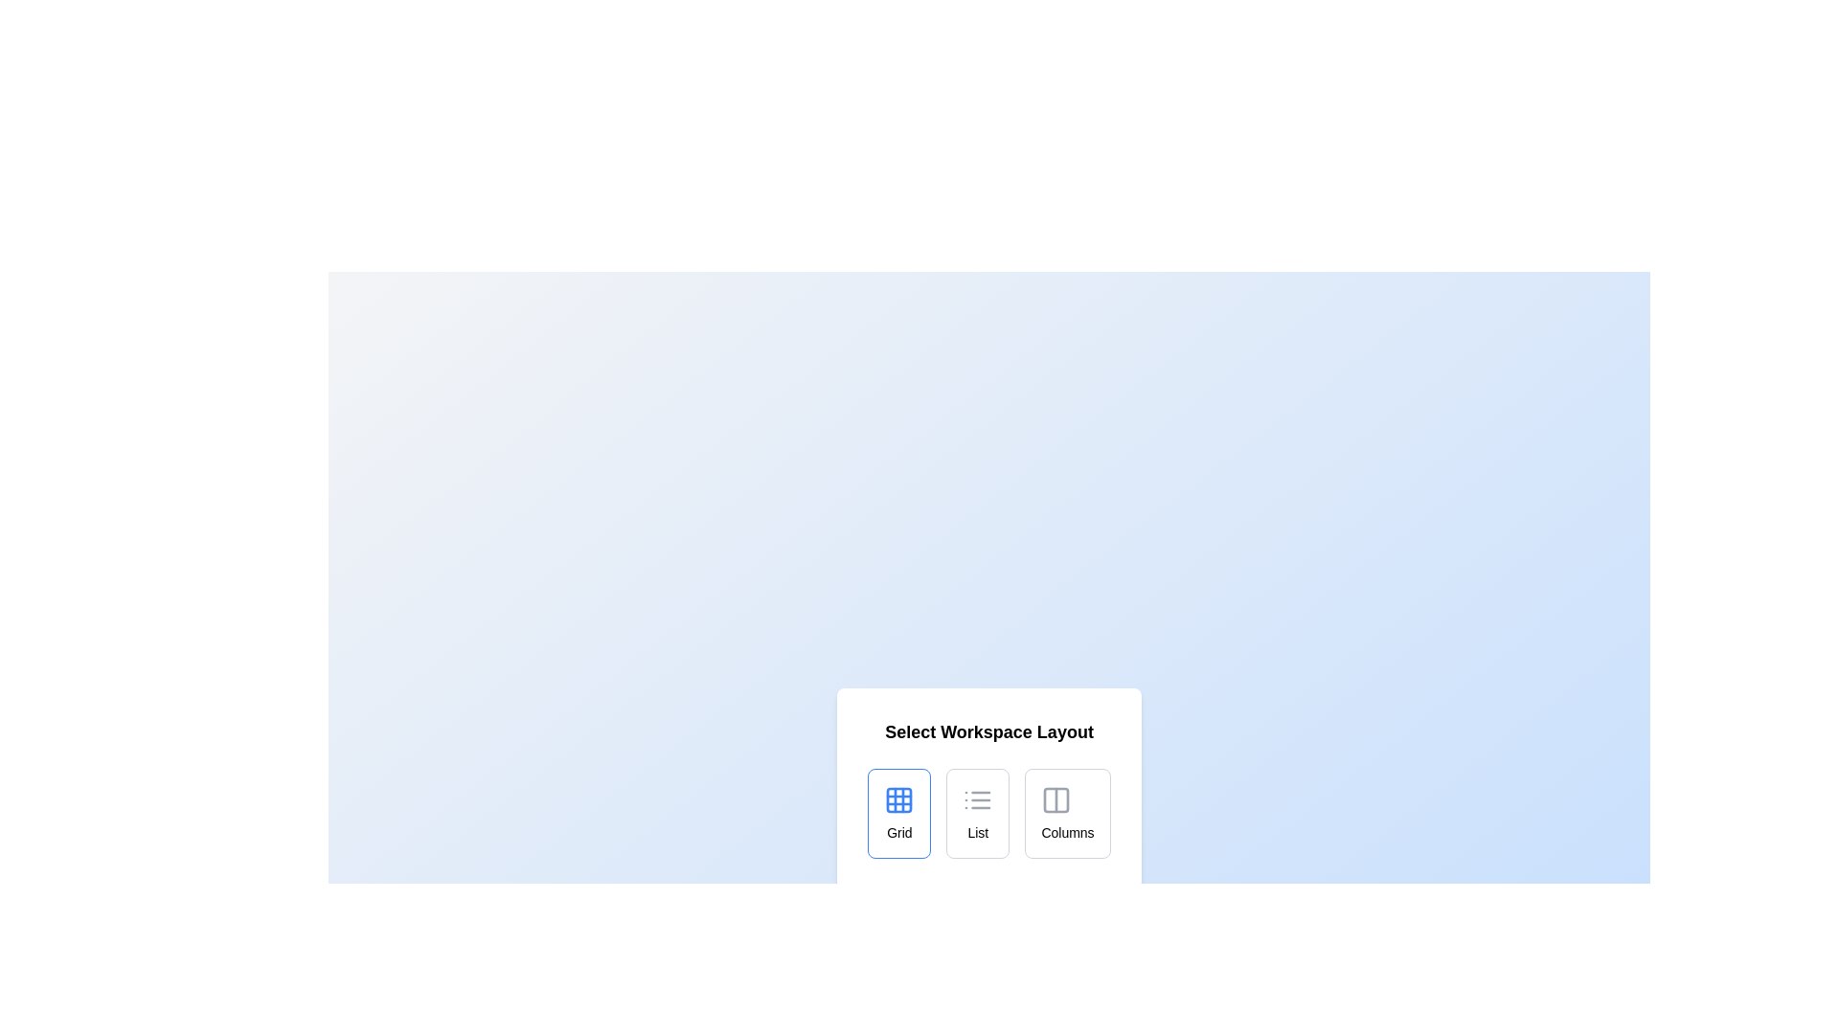  Describe the element at coordinates (1066, 813) in the screenshot. I see `the layout option Columns to observe visual feedback` at that location.